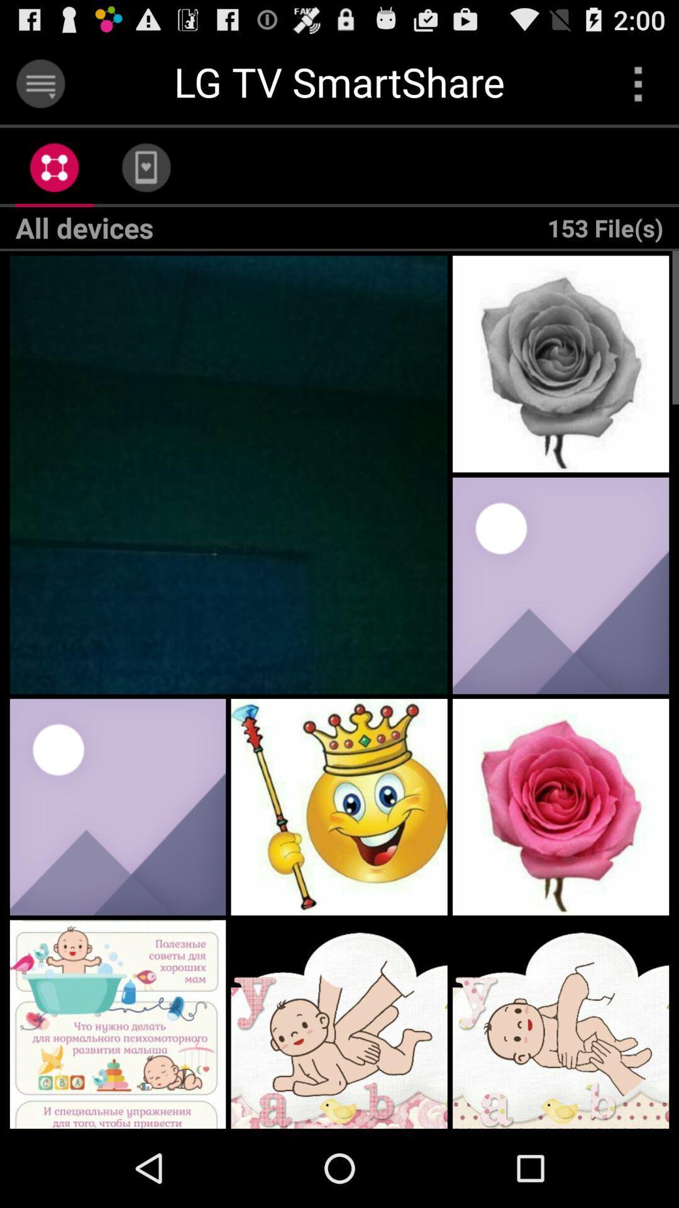  I want to click on app above all devices icon, so click(53, 167).